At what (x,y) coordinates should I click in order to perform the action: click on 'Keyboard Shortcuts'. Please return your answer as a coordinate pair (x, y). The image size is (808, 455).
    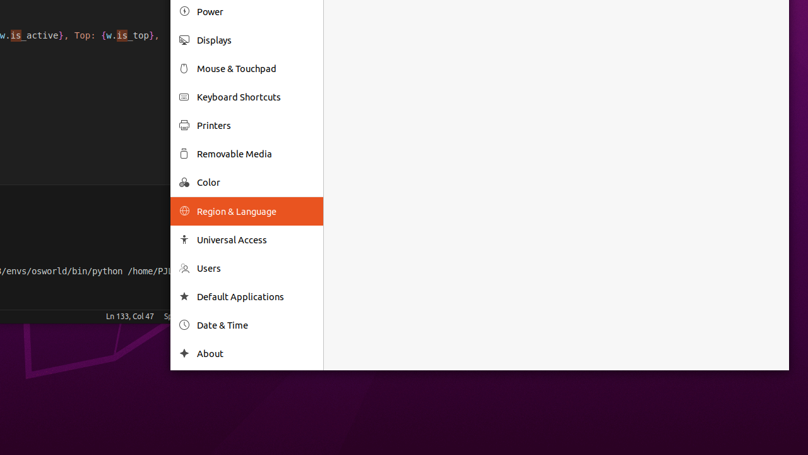
    Looking at the image, I should click on (254, 96).